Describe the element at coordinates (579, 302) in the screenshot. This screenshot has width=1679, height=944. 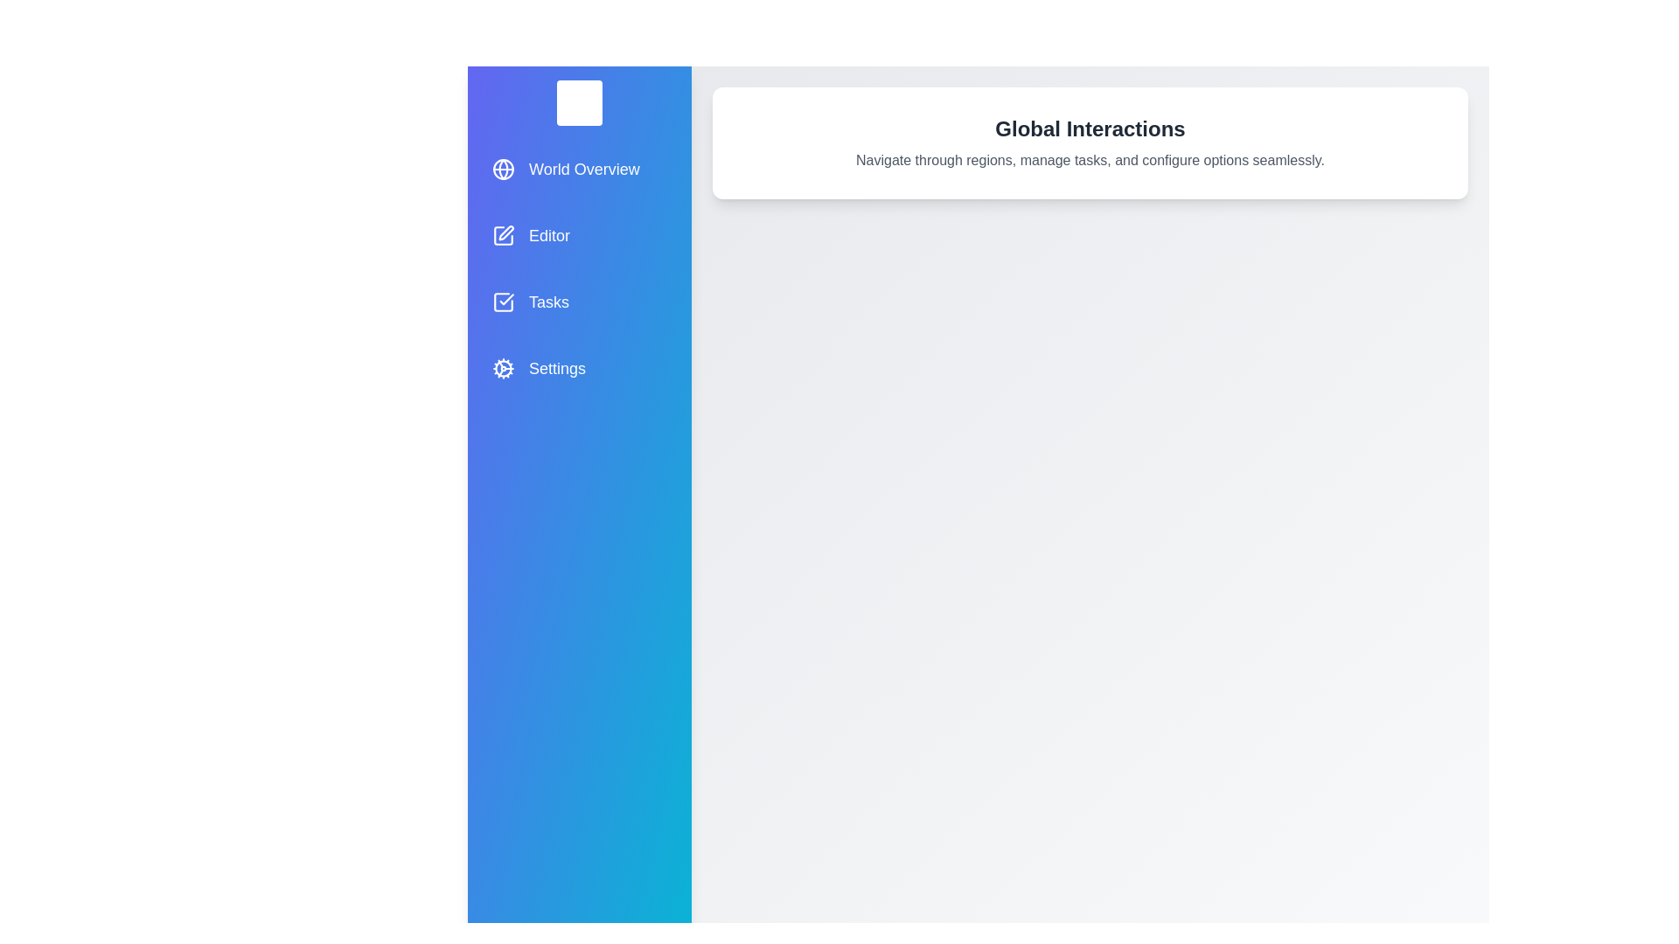
I see `the 'Tasks' menu item in the drawer` at that location.